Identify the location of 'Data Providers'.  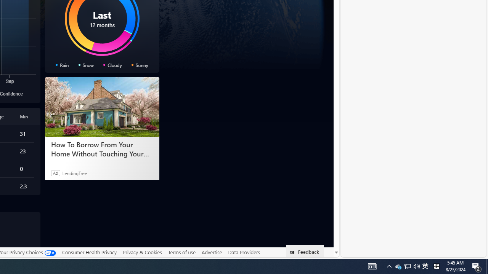
(244, 252).